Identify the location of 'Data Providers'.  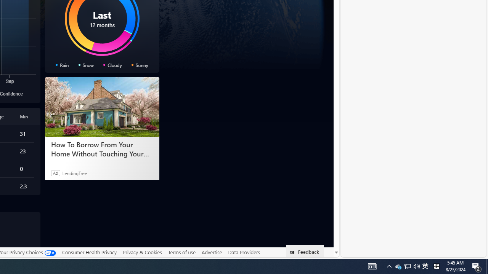
(244, 252).